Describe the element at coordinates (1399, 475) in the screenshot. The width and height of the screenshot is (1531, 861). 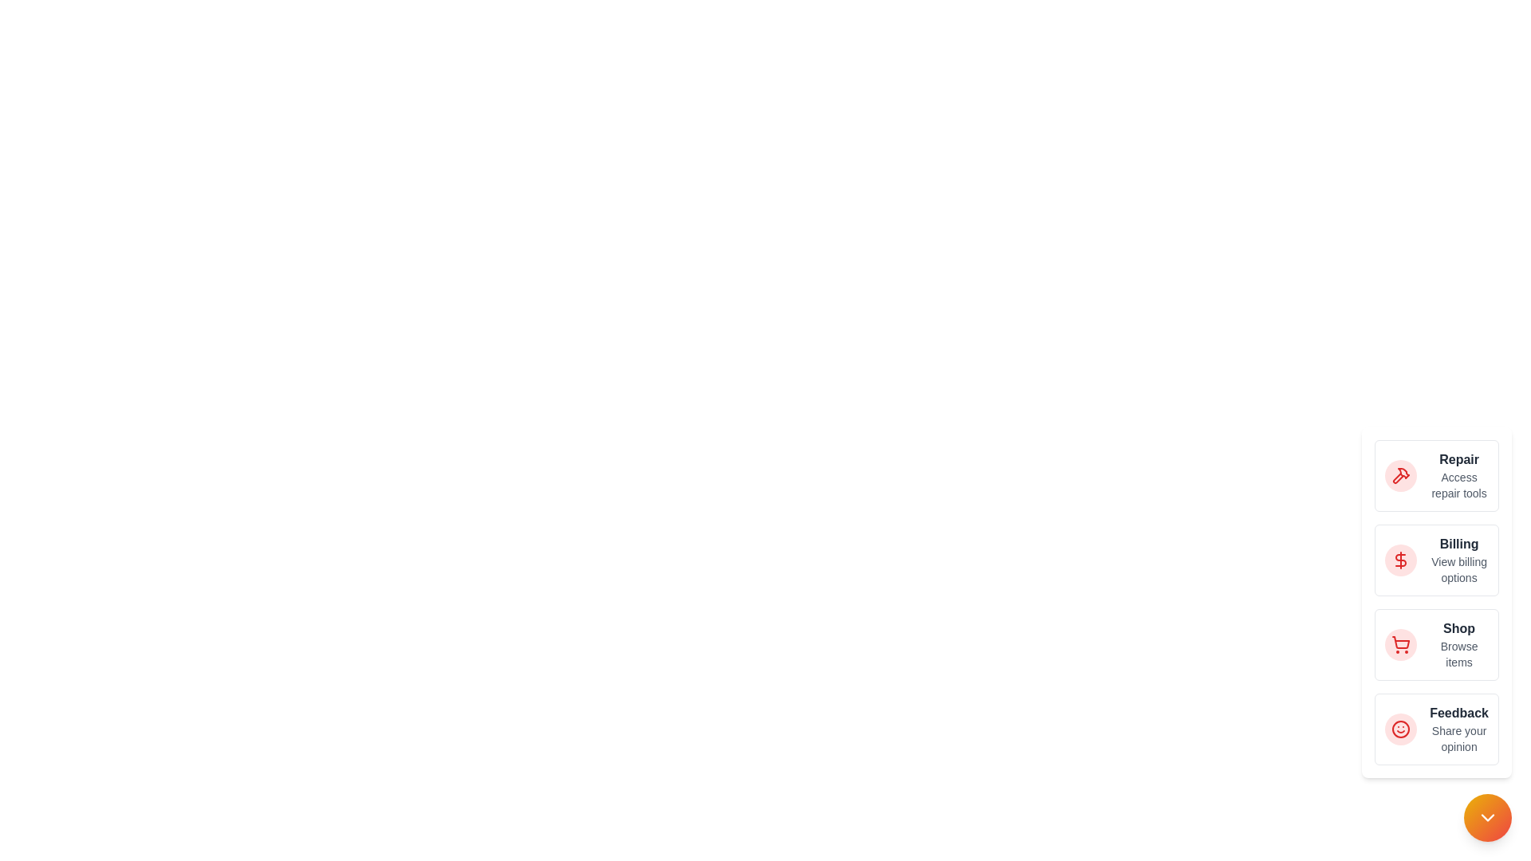
I see `the action labeled 'Repair' to highlight it` at that location.